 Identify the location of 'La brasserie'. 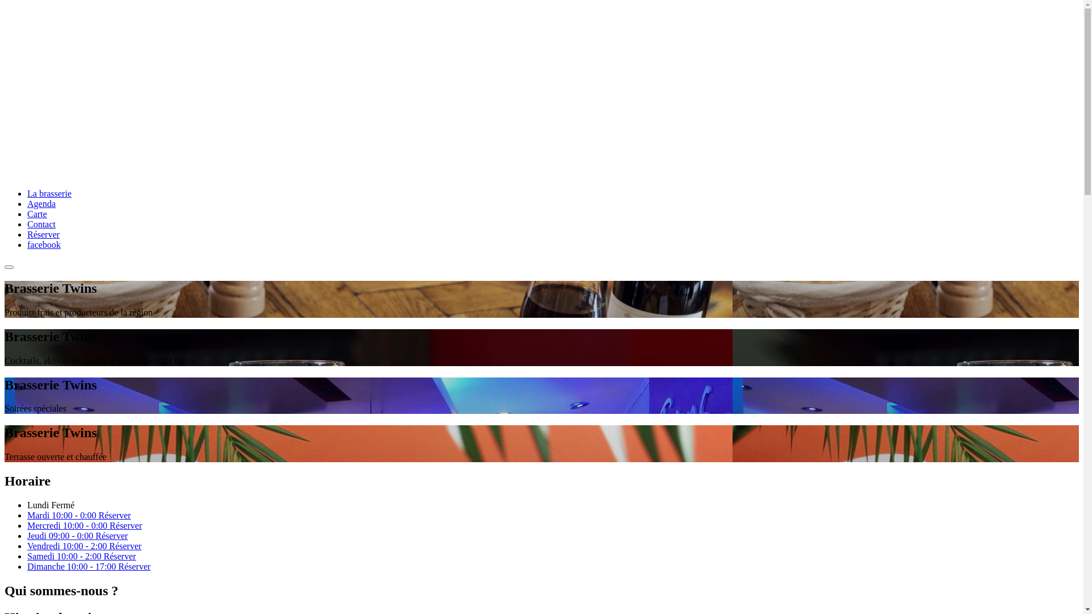
(27, 193).